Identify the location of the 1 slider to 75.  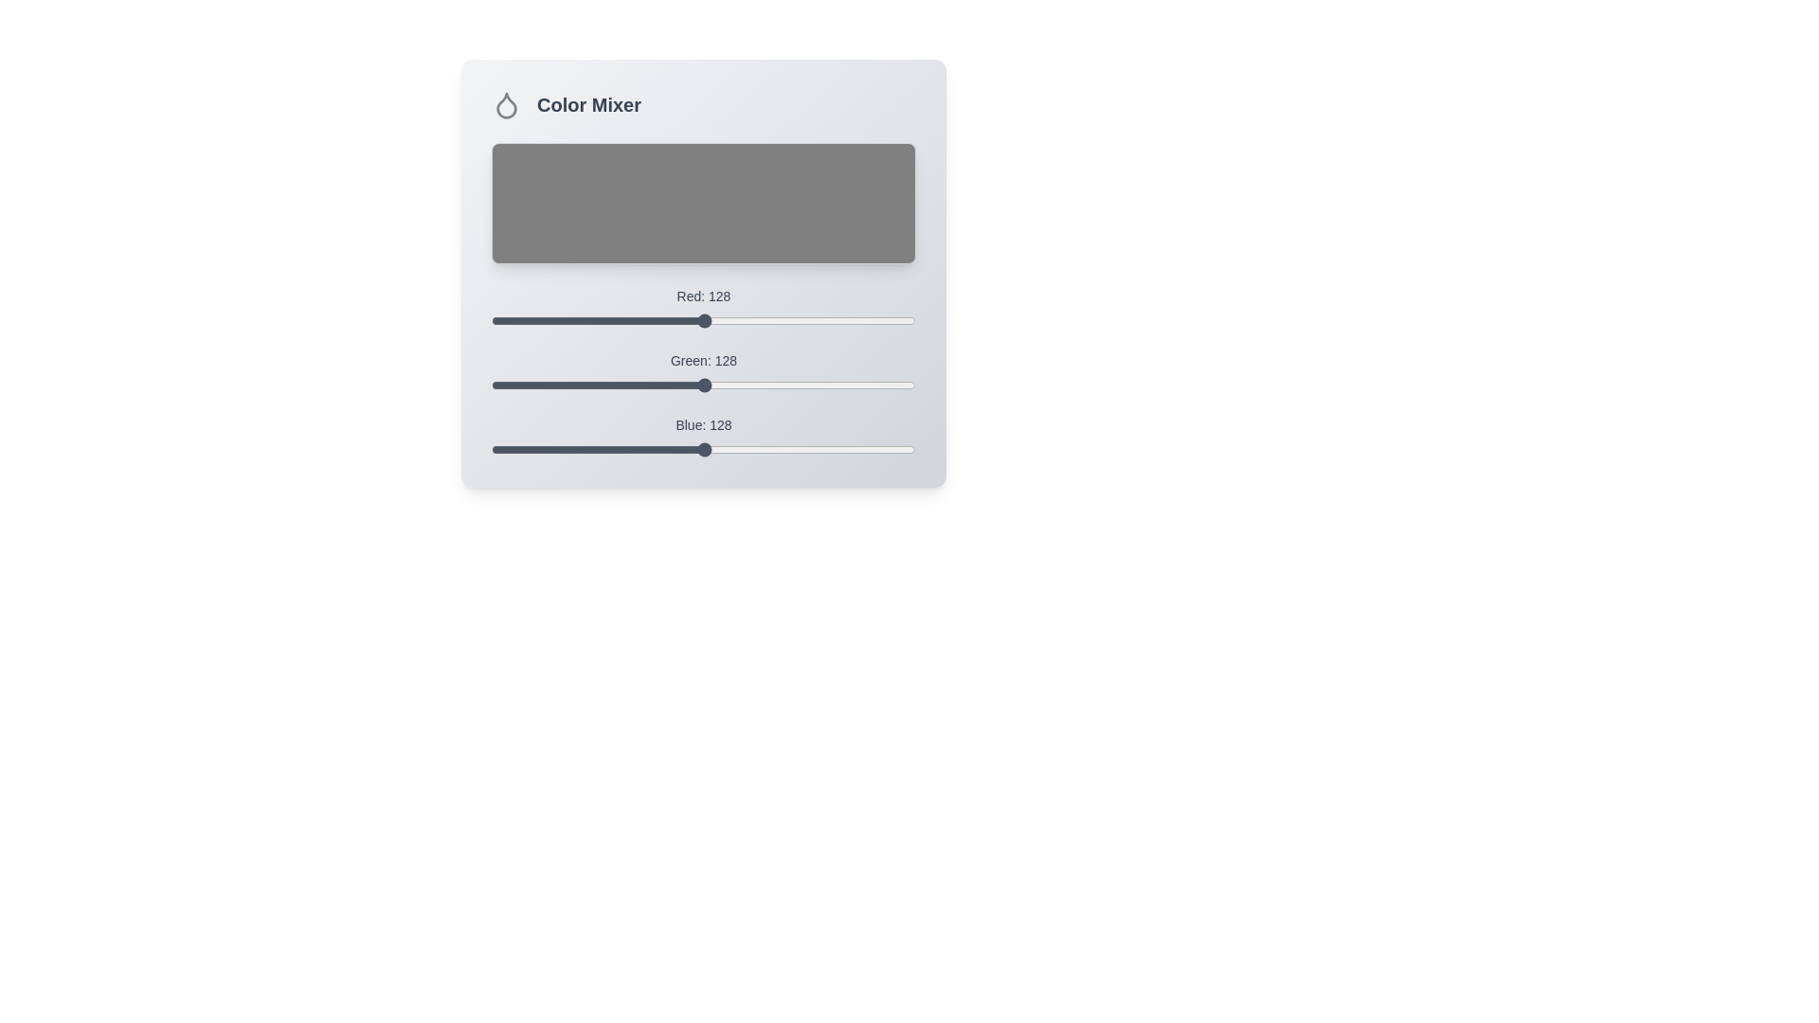
(616, 377).